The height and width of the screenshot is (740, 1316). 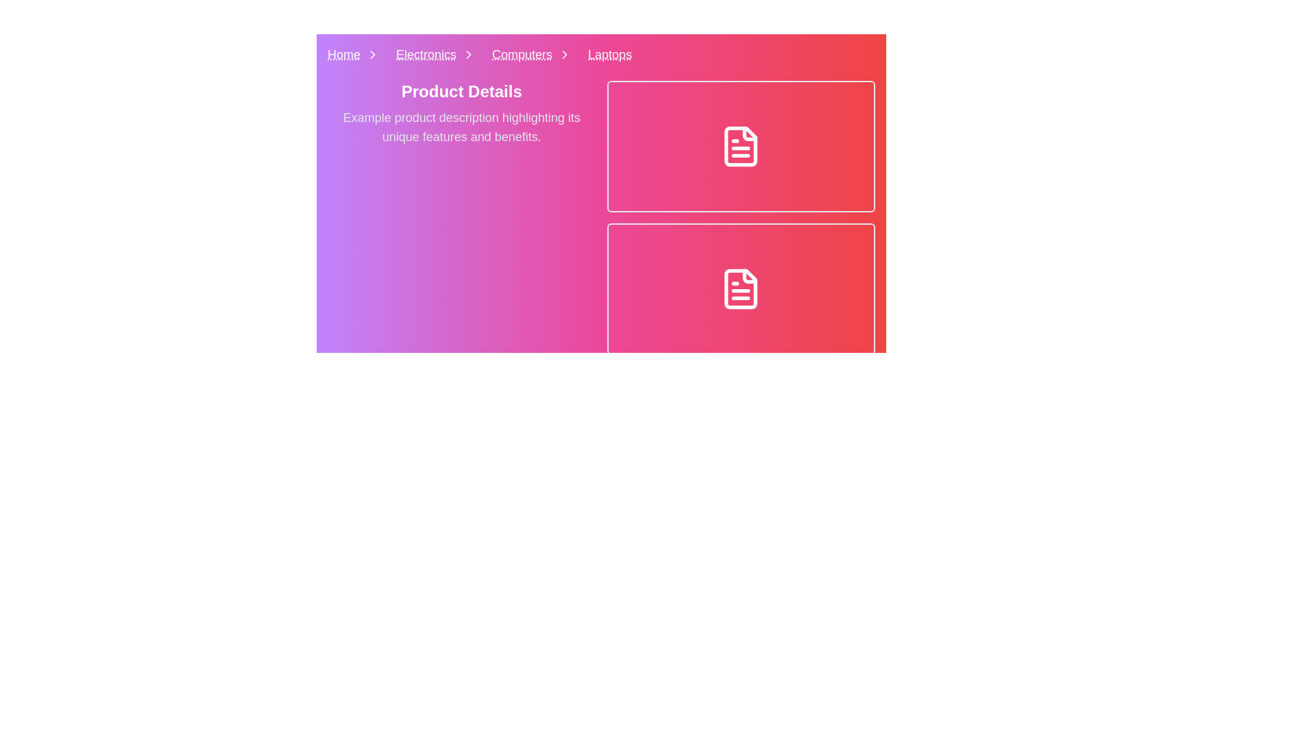 I want to click on the right-facing chevron icon in the breadcrumb navigation bar located between 'Computers' and 'Laptops', so click(x=565, y=54).